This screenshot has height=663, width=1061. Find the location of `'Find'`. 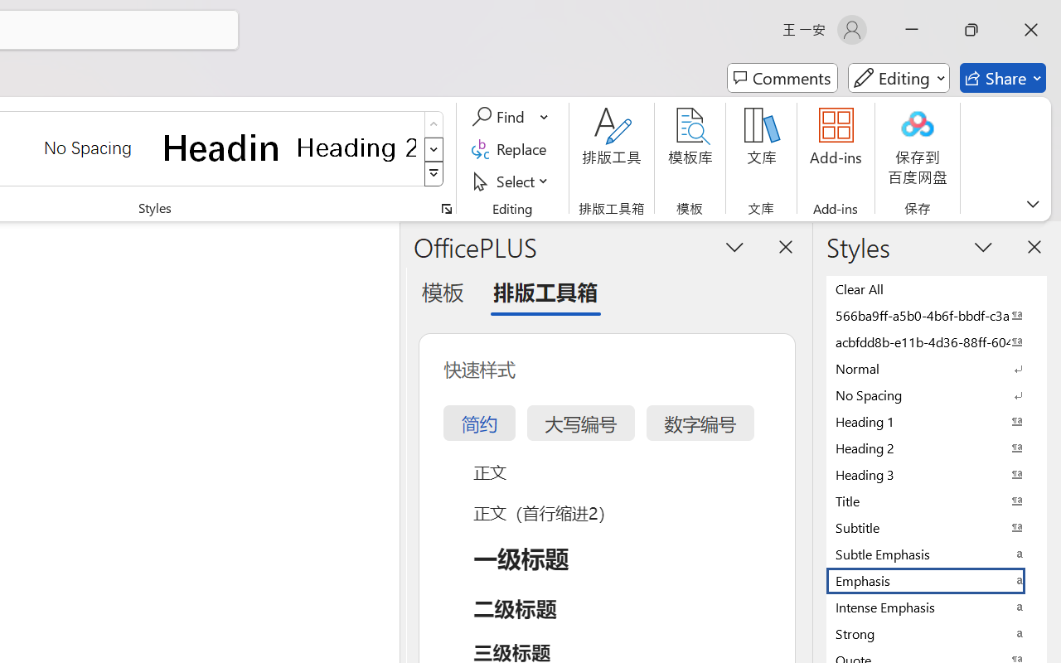

'Find' is located at coordinates (510, 117).